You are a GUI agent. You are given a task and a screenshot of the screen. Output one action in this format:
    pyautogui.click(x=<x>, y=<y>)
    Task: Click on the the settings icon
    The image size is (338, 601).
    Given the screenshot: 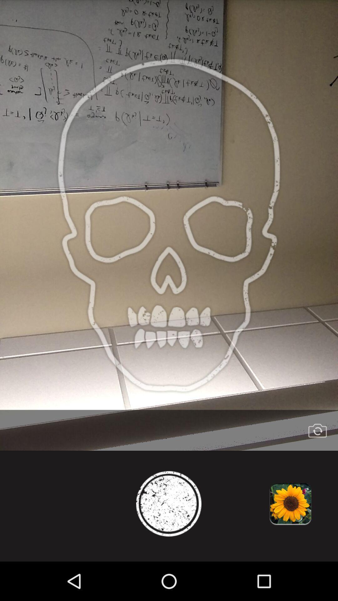 What is the action you would take?
    pyautogui.click(x=290, y=539)
    